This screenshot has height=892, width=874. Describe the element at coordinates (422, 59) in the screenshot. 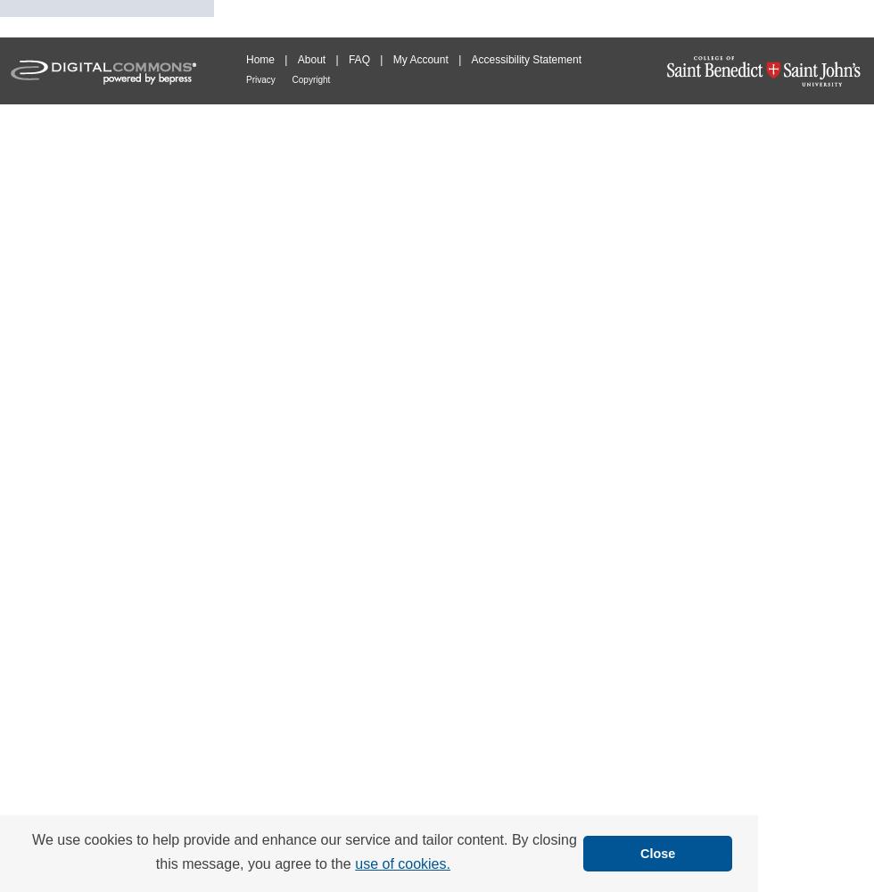

I see `'My Account'` at that location.